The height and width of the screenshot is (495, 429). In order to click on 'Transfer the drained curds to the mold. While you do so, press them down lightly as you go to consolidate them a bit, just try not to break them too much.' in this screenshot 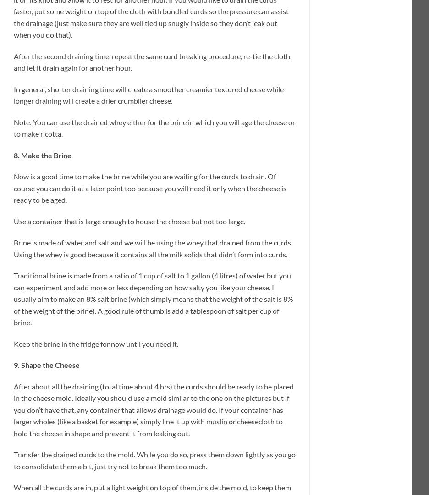, I will do `click(154, 460)`.